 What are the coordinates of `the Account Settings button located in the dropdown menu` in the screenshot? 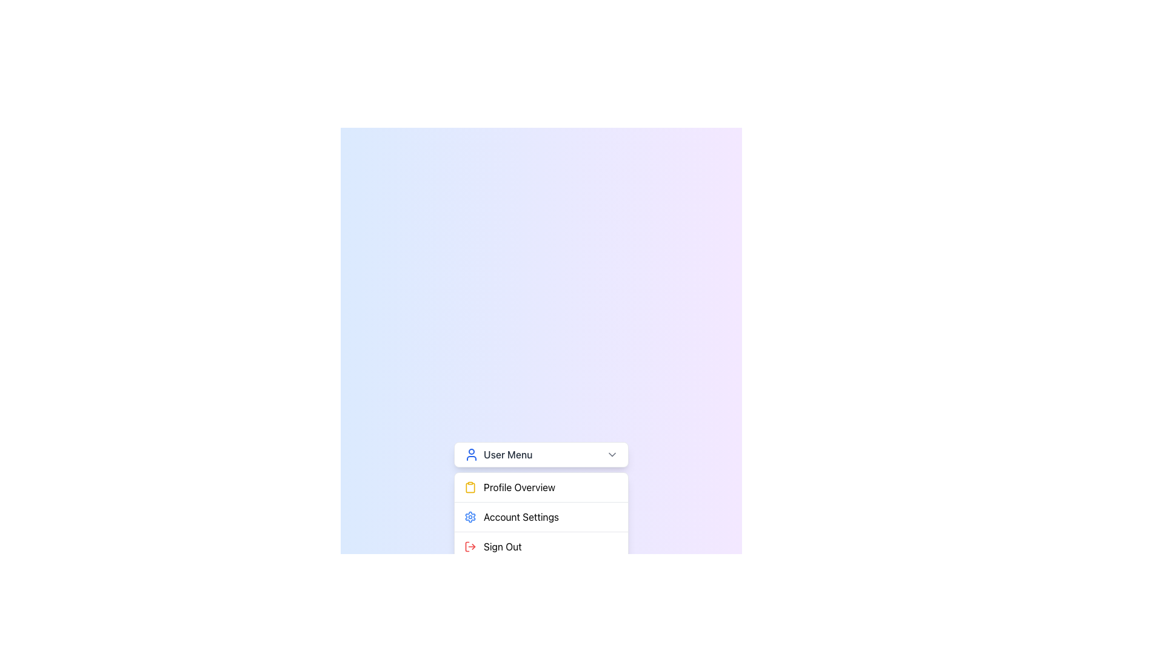 It's located at (540, 517).